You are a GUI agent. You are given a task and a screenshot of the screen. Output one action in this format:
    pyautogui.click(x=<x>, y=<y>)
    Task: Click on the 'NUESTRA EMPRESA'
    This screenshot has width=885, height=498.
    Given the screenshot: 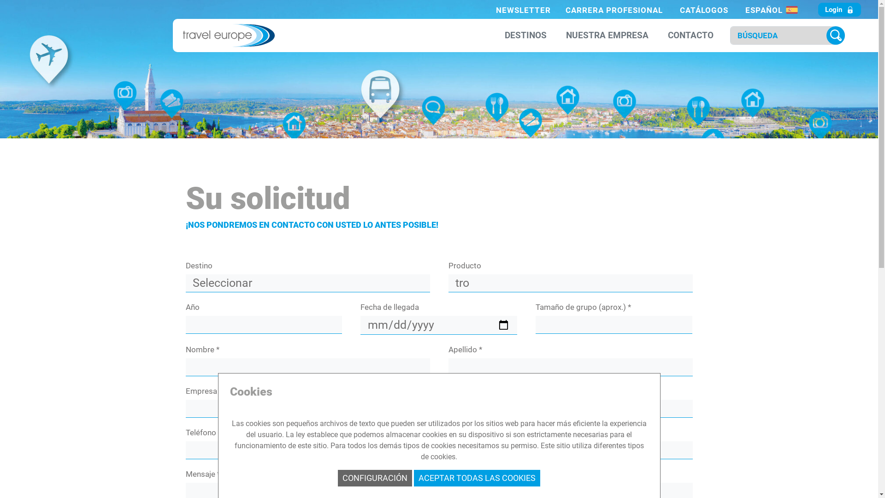 What is the action you would take?
    pyautogui.click(x=607, y=35)
    